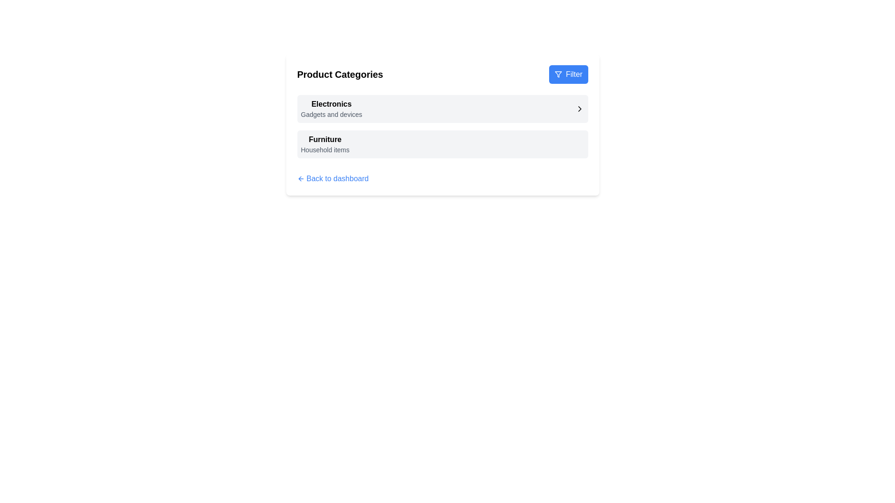 This screenshot has height=503, width=895. Describe the element at coordinates (579, 109) in the screenshot. I see `the chevron navigation icon located at the far-right area of the 'Electronics' item in the product categories list` at that location.